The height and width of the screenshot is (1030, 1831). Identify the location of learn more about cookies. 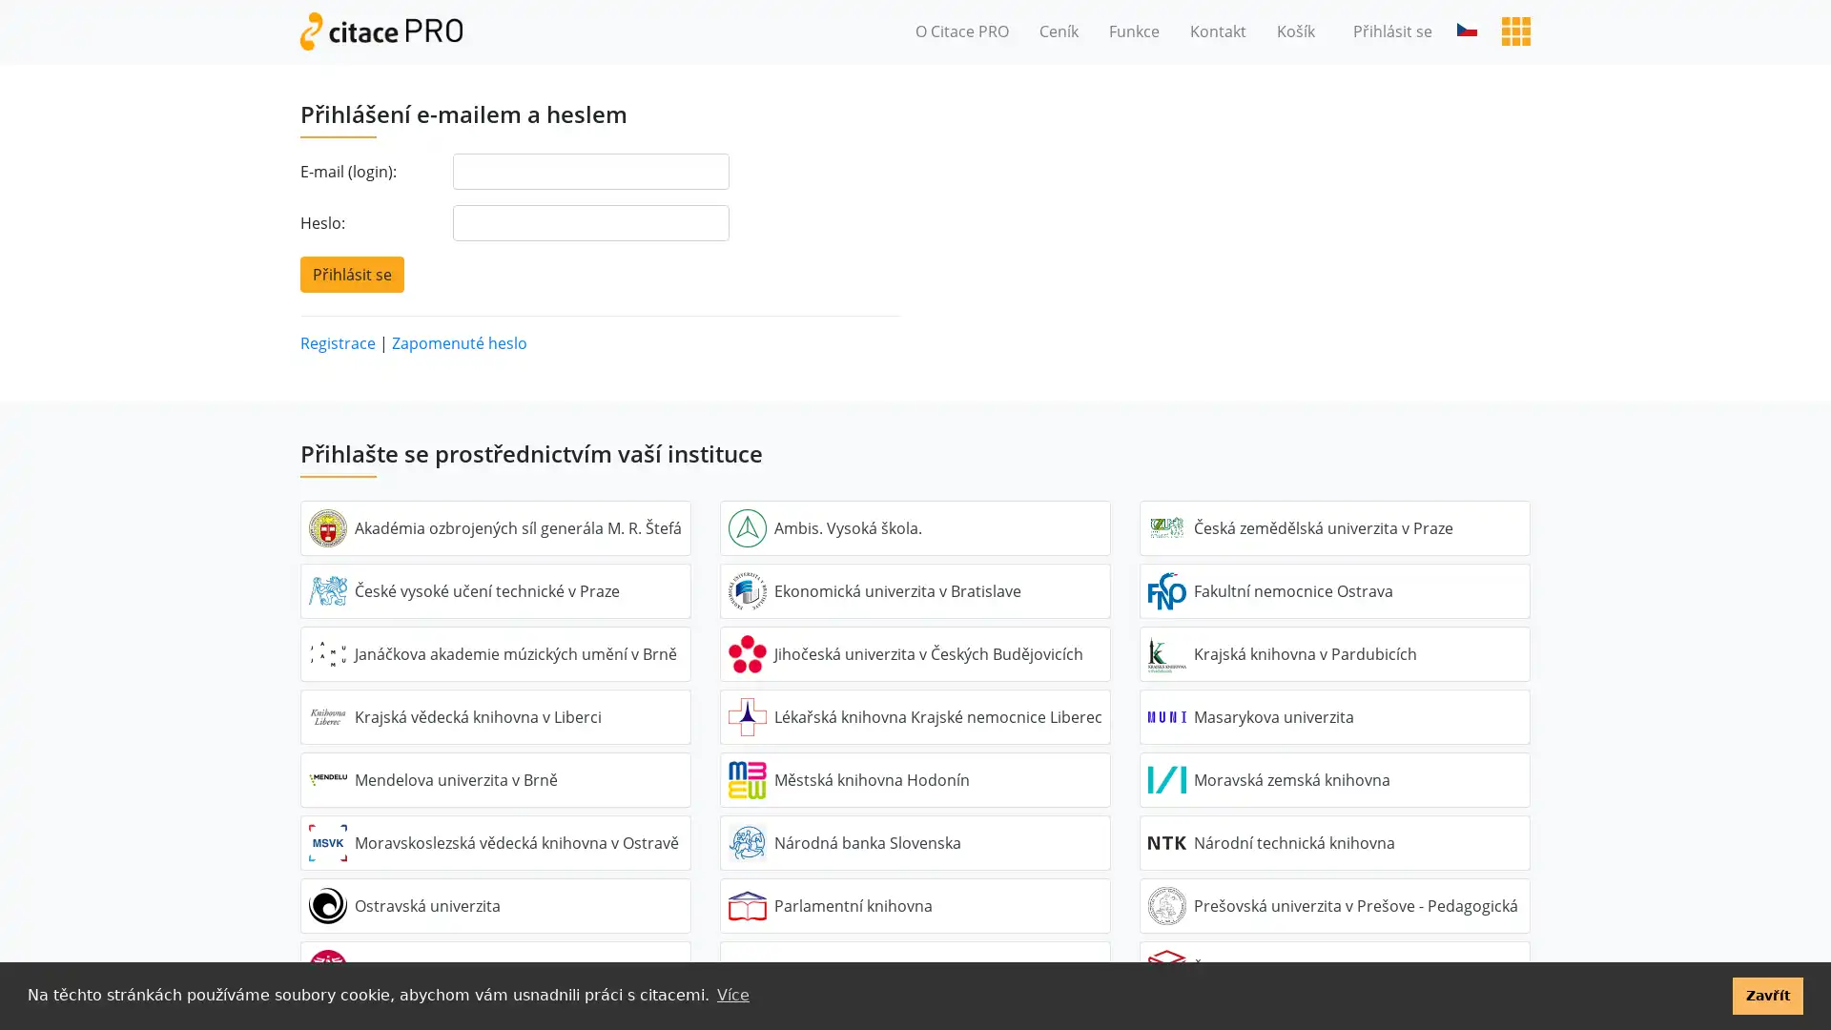
(731, 995).